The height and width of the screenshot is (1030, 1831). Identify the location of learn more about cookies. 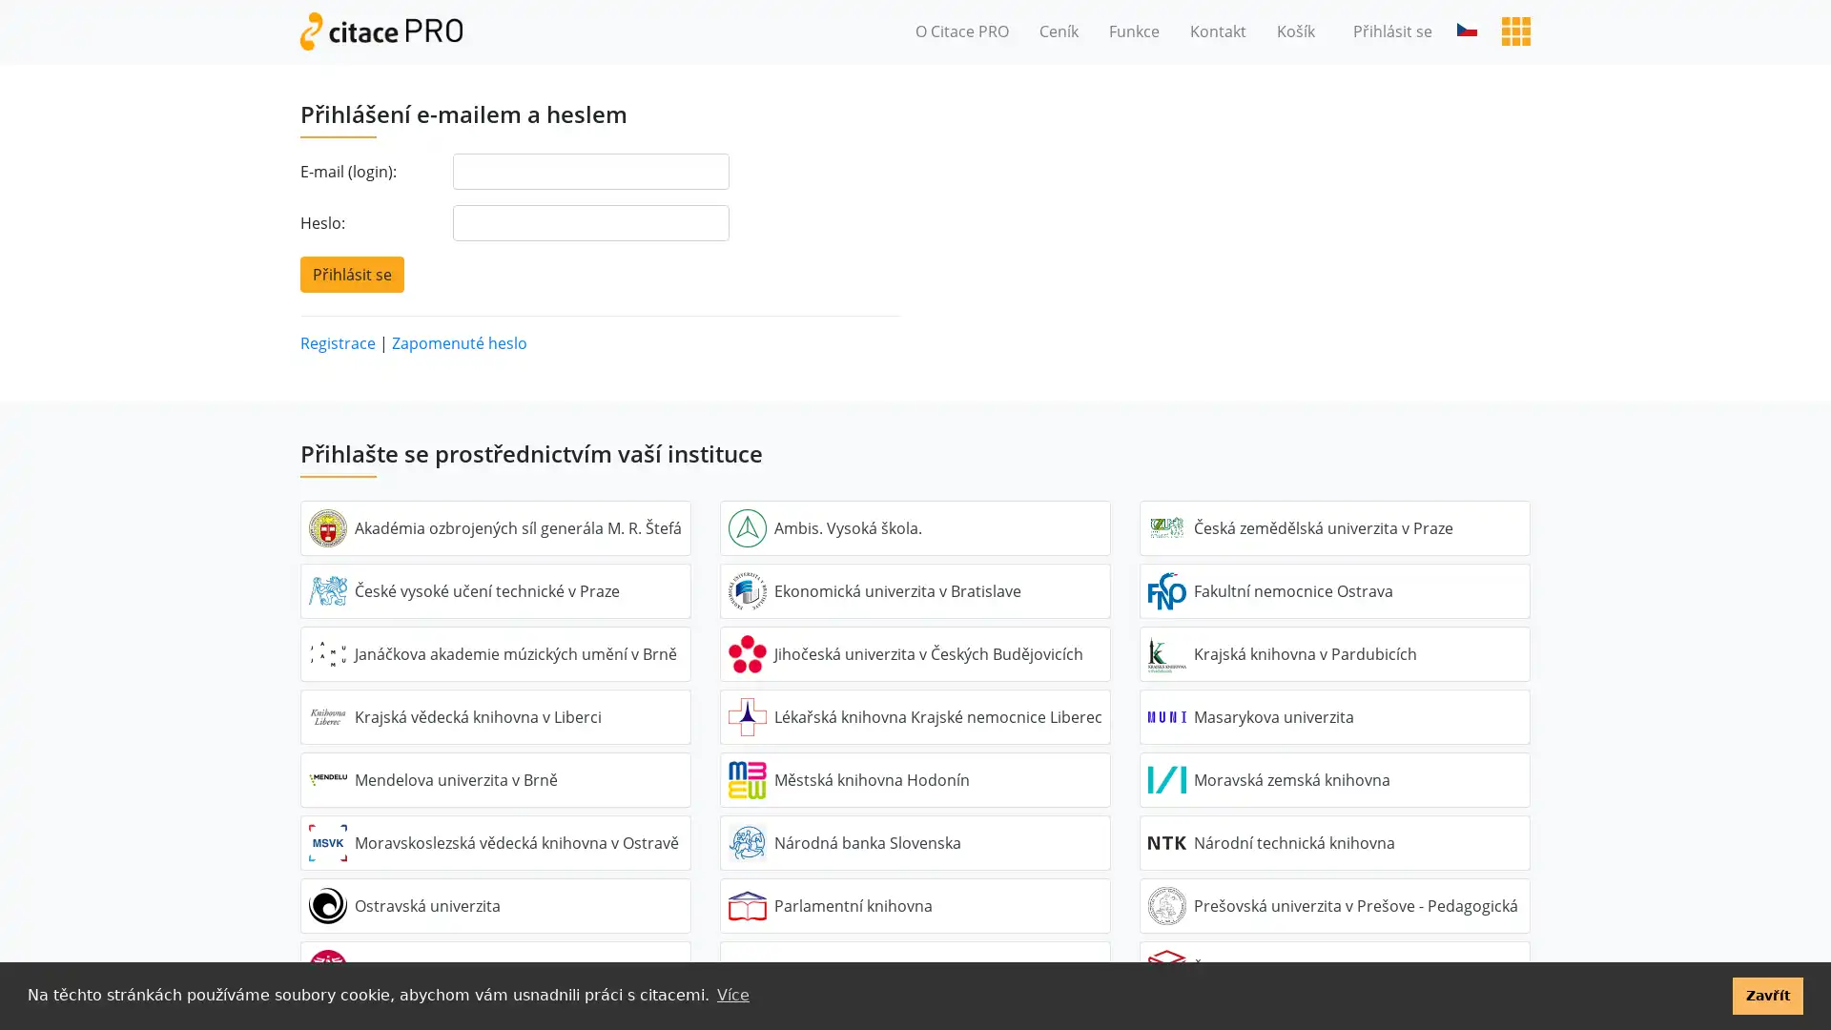
(731, 995).